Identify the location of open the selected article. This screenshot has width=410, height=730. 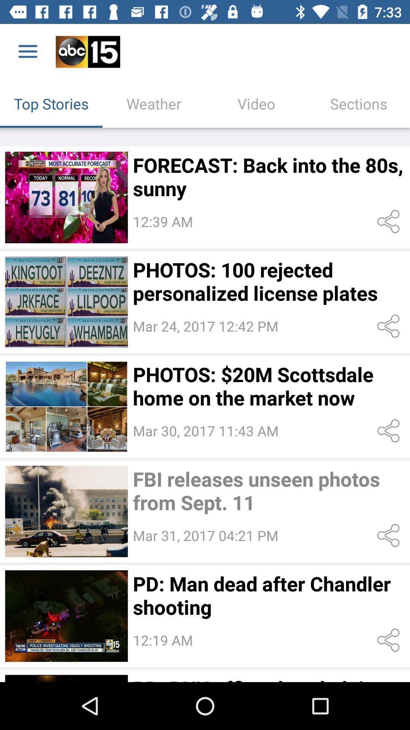
(66, 302).